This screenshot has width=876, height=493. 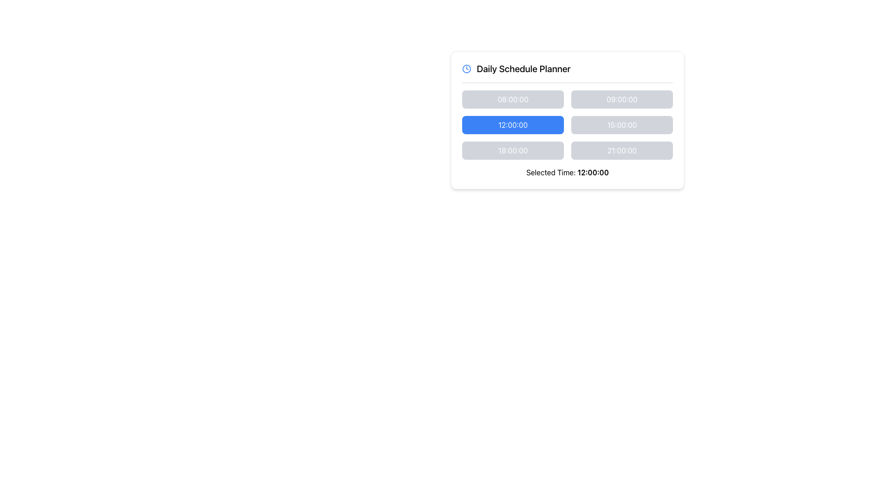 I want to click on the decorative clock face graphic within the SVG icon located in the top-left area of the 'Daily Schedule Planner' card, so click(x=466, y=68).